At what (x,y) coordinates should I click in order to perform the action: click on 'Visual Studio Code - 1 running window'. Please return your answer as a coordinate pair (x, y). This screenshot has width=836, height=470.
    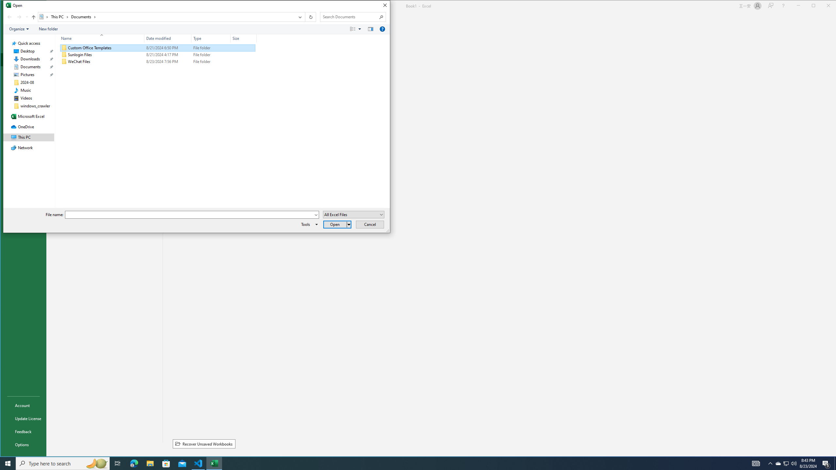
    Looking at the image, I should click on (198, 463).